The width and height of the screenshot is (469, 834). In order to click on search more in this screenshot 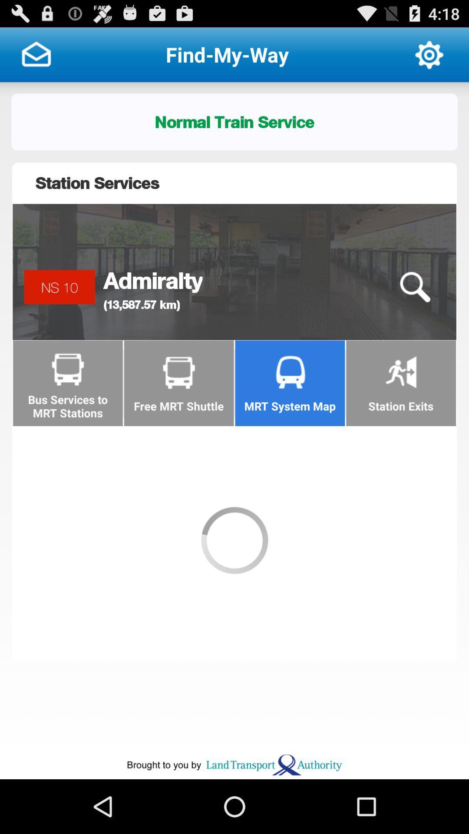, I will do `click(414, 287)`.